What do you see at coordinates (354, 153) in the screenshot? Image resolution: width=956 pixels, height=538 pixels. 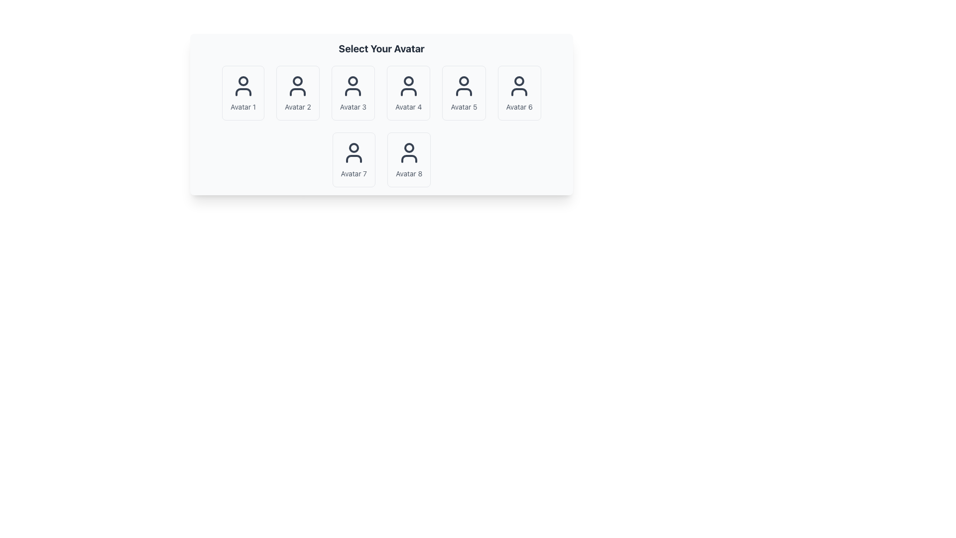 I see `the user silhouette icon in the 'Avatar 7' card` at bounding box center [354, 153].